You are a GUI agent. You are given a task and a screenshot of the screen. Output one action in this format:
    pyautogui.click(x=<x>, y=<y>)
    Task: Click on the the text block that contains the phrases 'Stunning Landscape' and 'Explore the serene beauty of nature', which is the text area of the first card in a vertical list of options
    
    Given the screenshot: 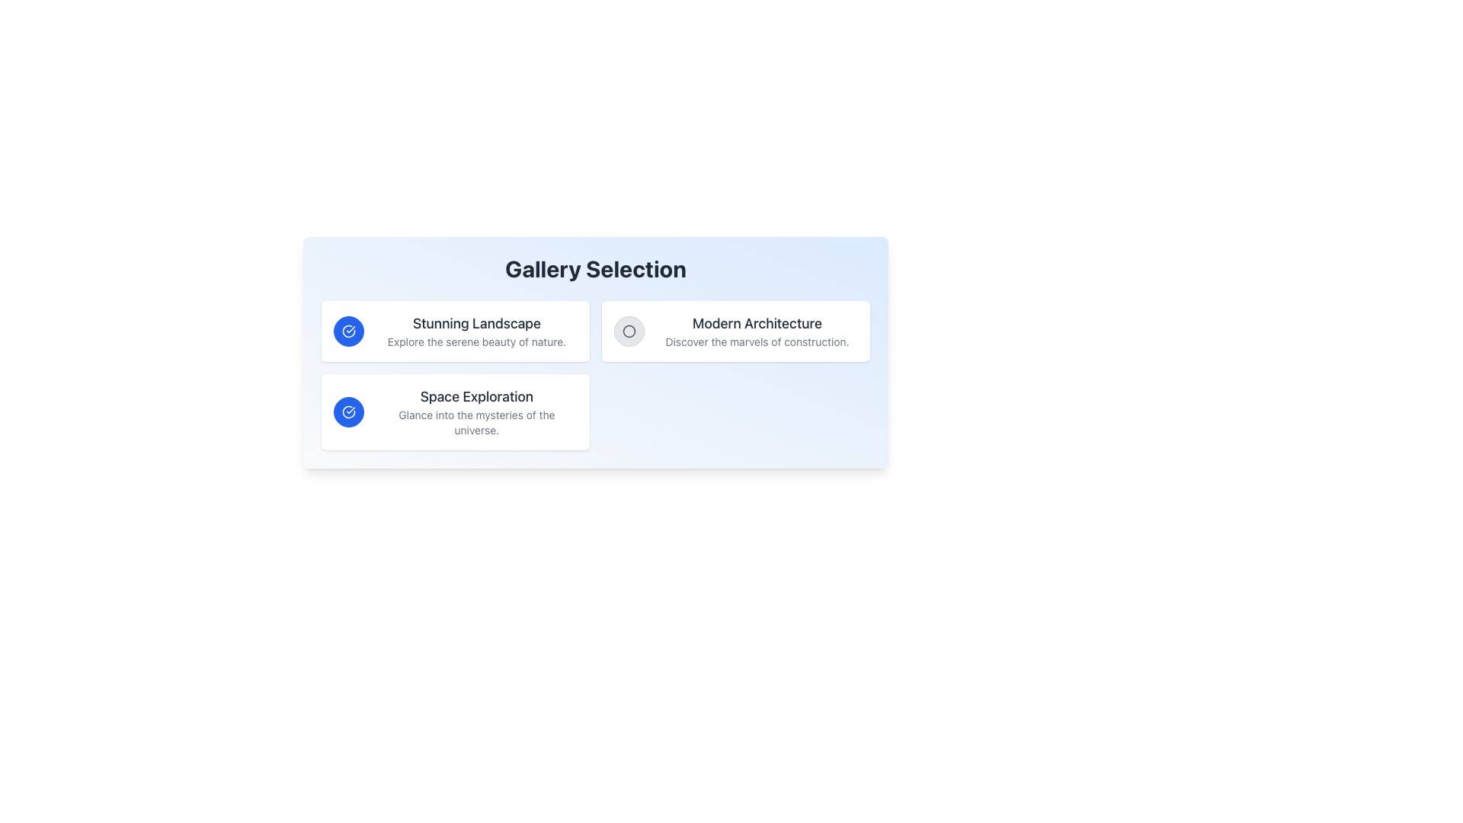 What is the action you would take?
    pyautogui.click(x=475, y=331)
    